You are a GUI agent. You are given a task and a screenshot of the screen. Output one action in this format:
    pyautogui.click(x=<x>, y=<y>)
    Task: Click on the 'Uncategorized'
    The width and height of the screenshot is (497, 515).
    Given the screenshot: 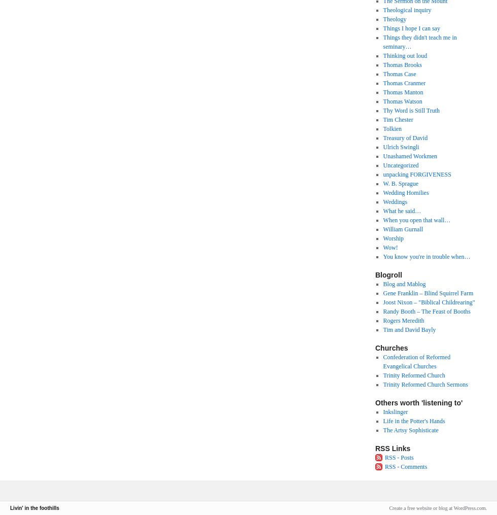 What is the action you would take?
    pyautogui.click(x=400, y=165)
    